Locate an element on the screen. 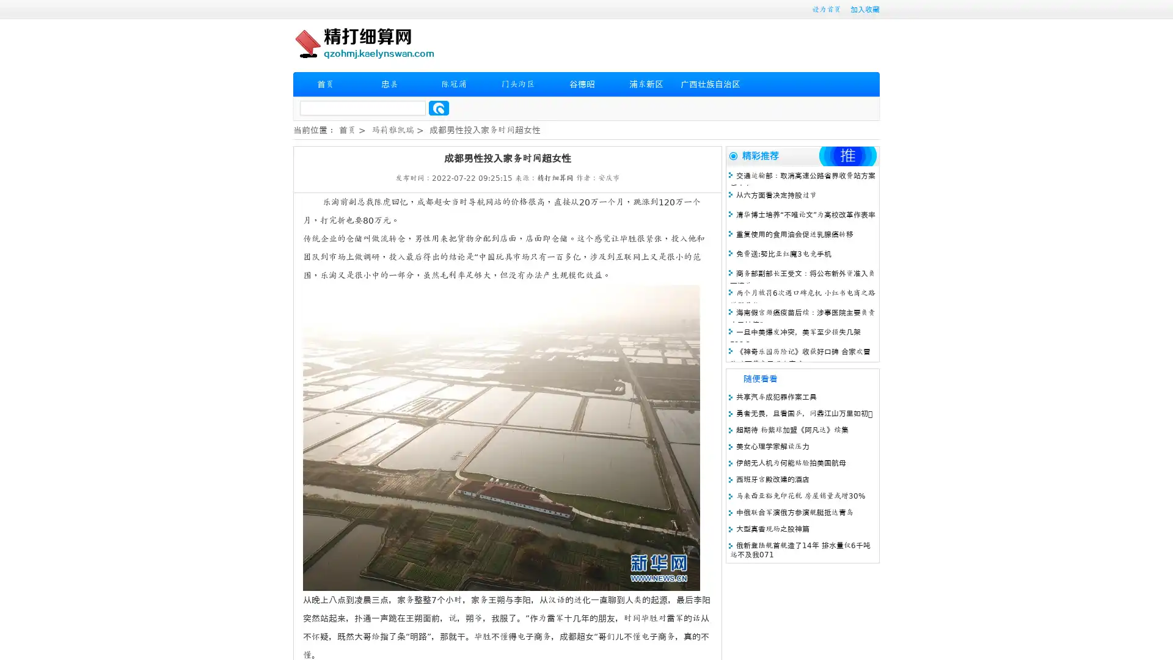 Image resolution: width=1173 pixels, height=660 pixels. Search is located at coordinates (439, 108).